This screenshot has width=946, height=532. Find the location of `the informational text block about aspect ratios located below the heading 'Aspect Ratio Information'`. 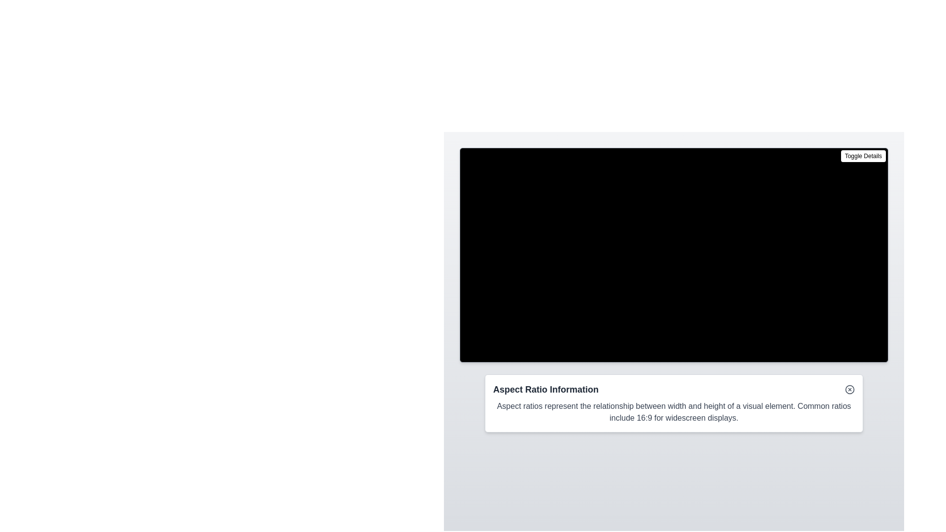

the informational text block about aspect ratios located below the heading 'Aspect Ratio Information' is located at coordinates (674, 412).